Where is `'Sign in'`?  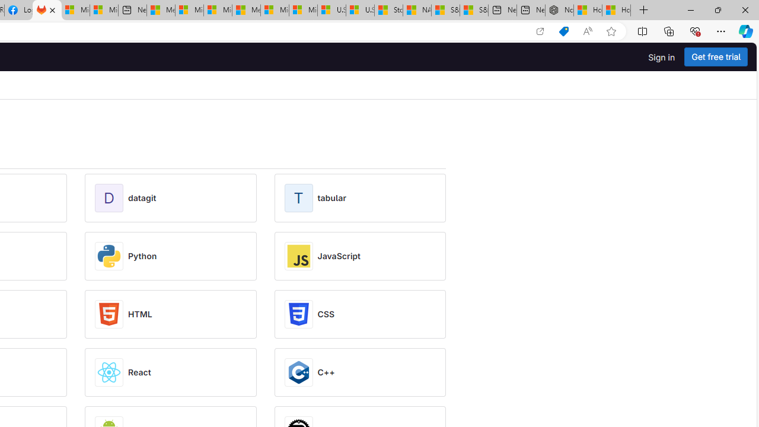 'Sign in' is located at coordinates (661, 57).